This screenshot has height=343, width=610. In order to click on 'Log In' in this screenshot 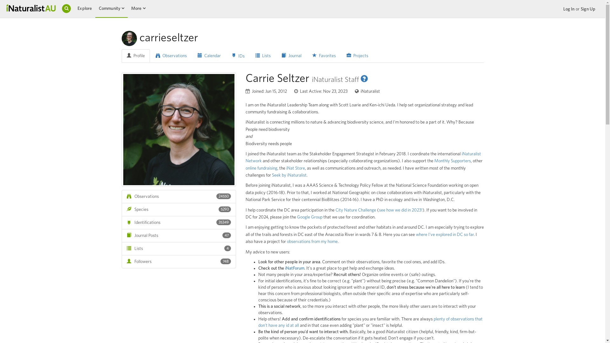, I will do `click(563, 9)`.